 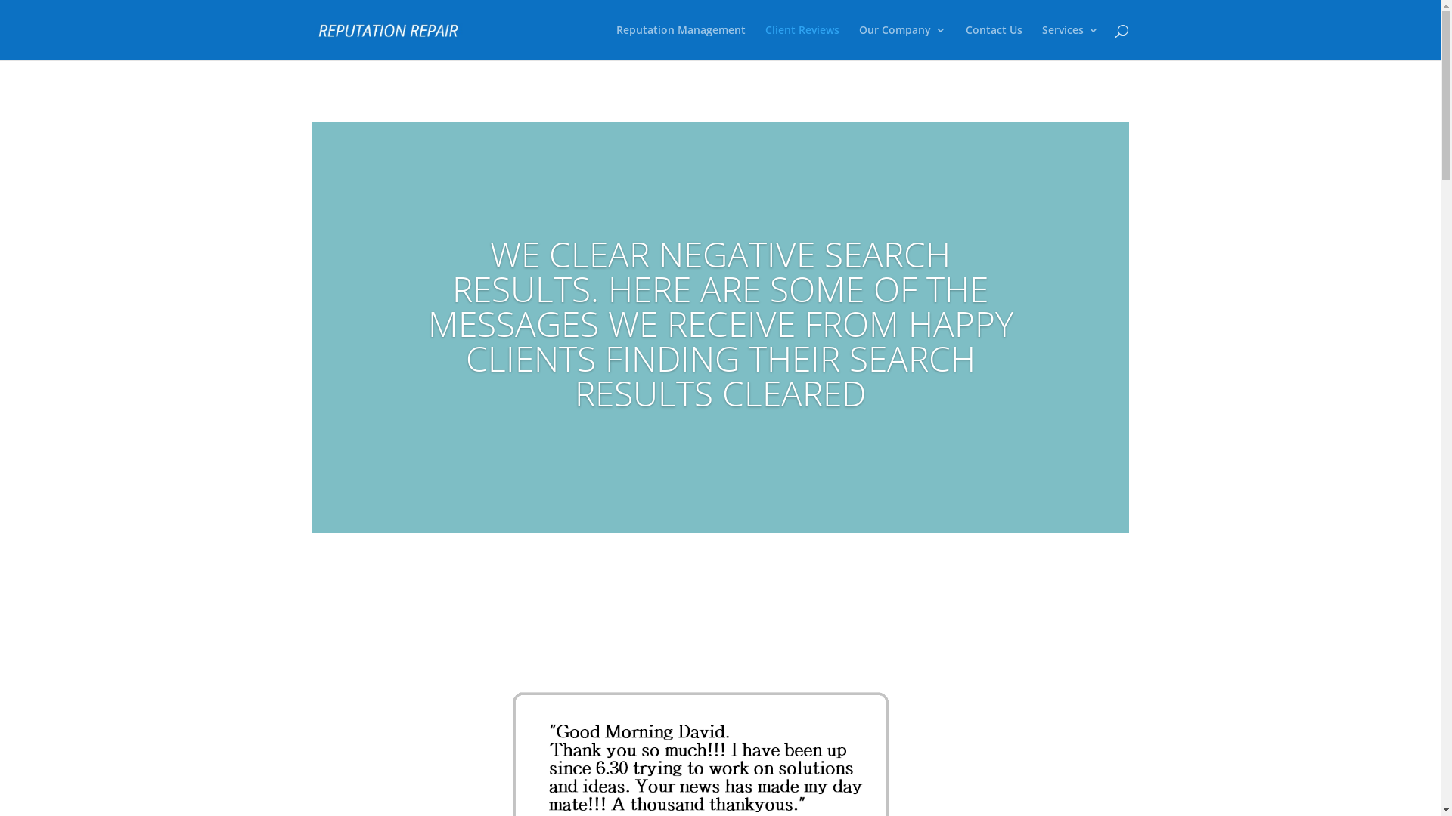 What do you see at coordinates (993, 42) in the screenshot?
I see `'Contact Us'` at bounding box center [993, 42].